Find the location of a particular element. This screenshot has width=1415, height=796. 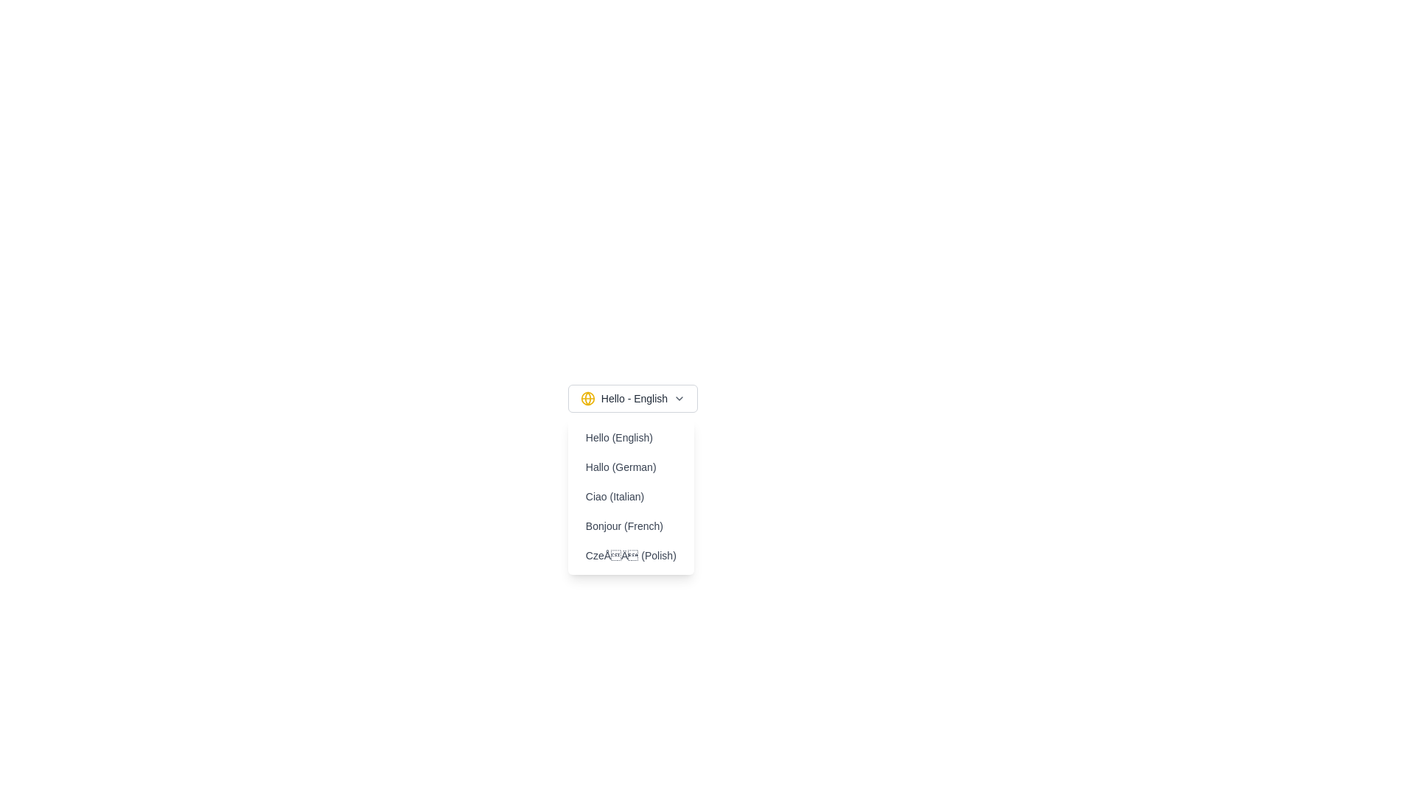

the third item in the language selection dropdown menu located below the 'Hello - English' button is located at coordinates (630, 497).